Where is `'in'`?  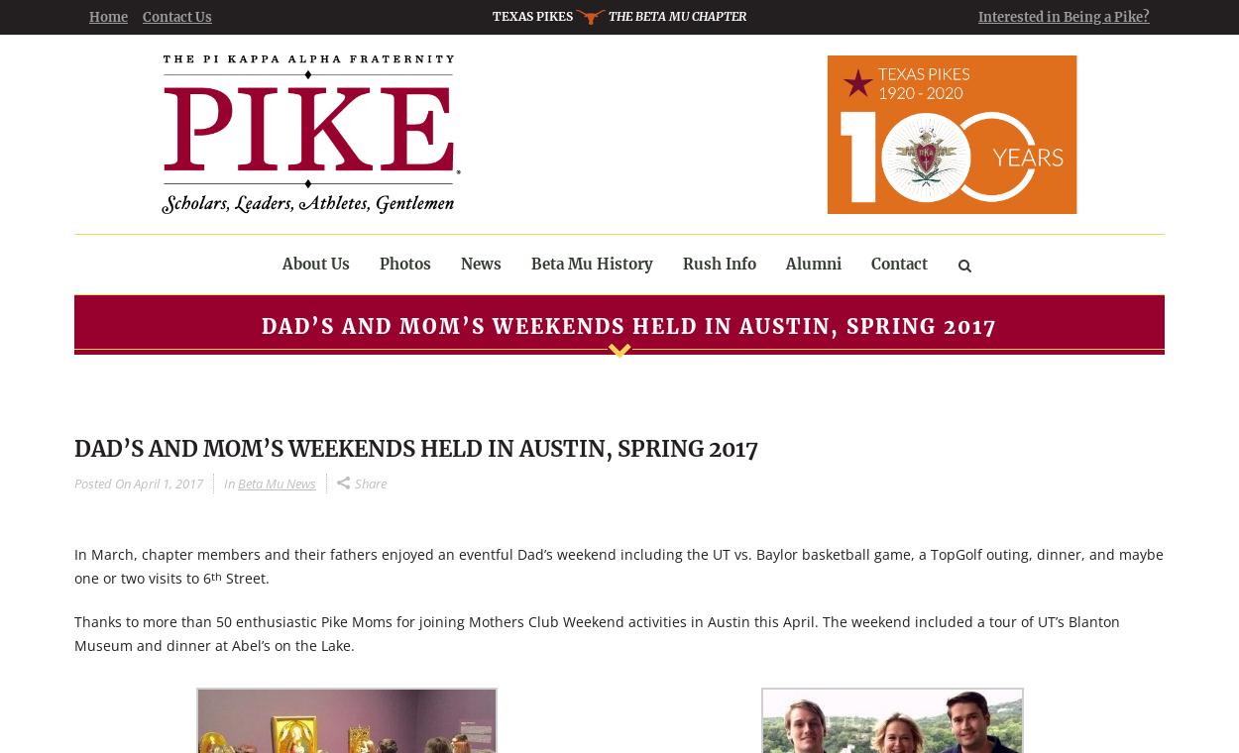
'in' is located at coordinates (222, 483).